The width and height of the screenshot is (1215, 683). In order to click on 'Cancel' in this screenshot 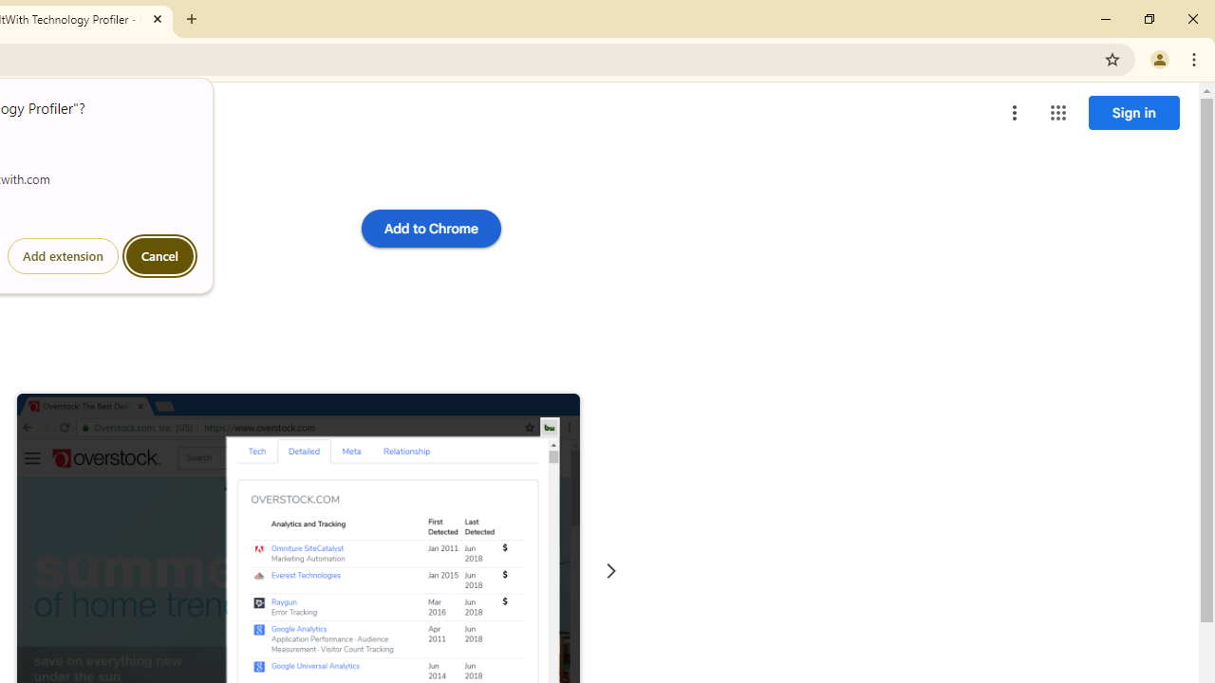, I will do `click(159, 256)`.